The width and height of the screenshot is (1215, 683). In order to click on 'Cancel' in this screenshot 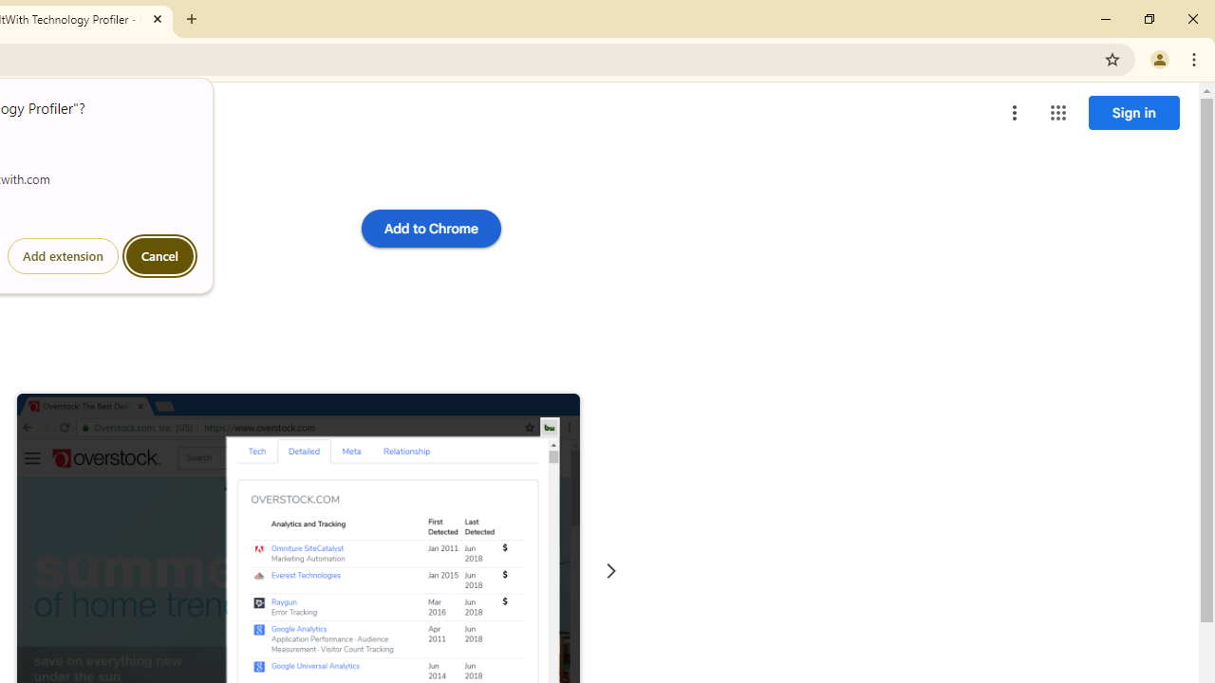, I will do `click(159, 256)`.